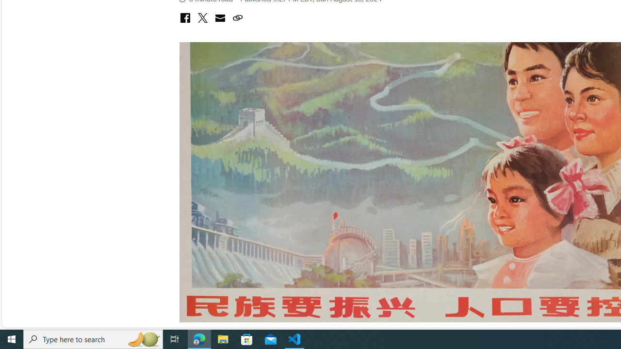  I want to click on 'Class: icon-social-twitter', so click(202, 18).